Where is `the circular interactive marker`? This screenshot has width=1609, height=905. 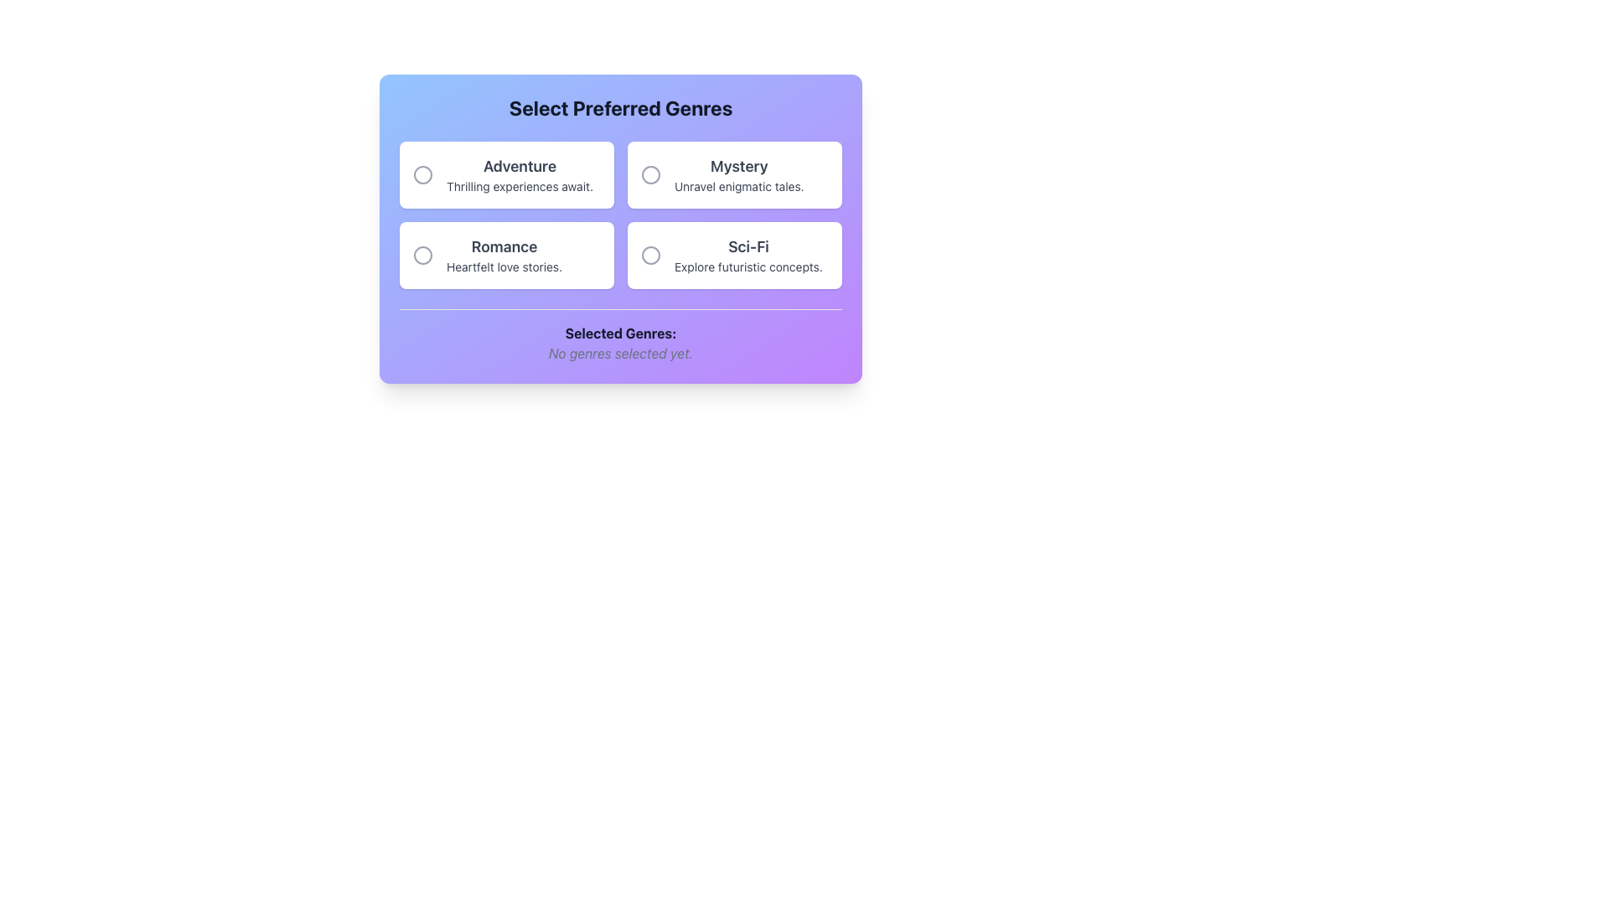
the circular interactive marker is located at coordinates (422, 174).